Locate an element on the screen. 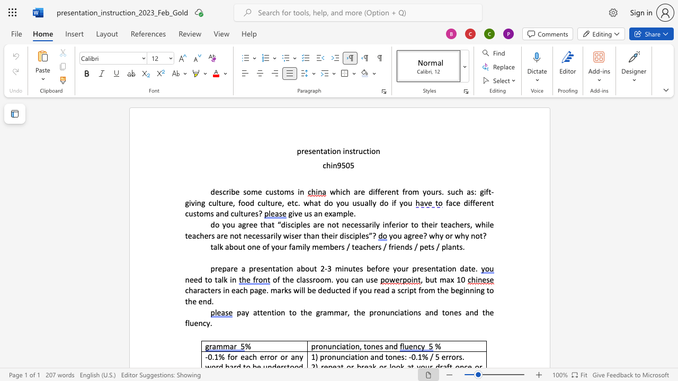 This screenshot has width=678, height=381. the space between the continuous character "o" and "r" in the text is located at coordinates (381, 268).